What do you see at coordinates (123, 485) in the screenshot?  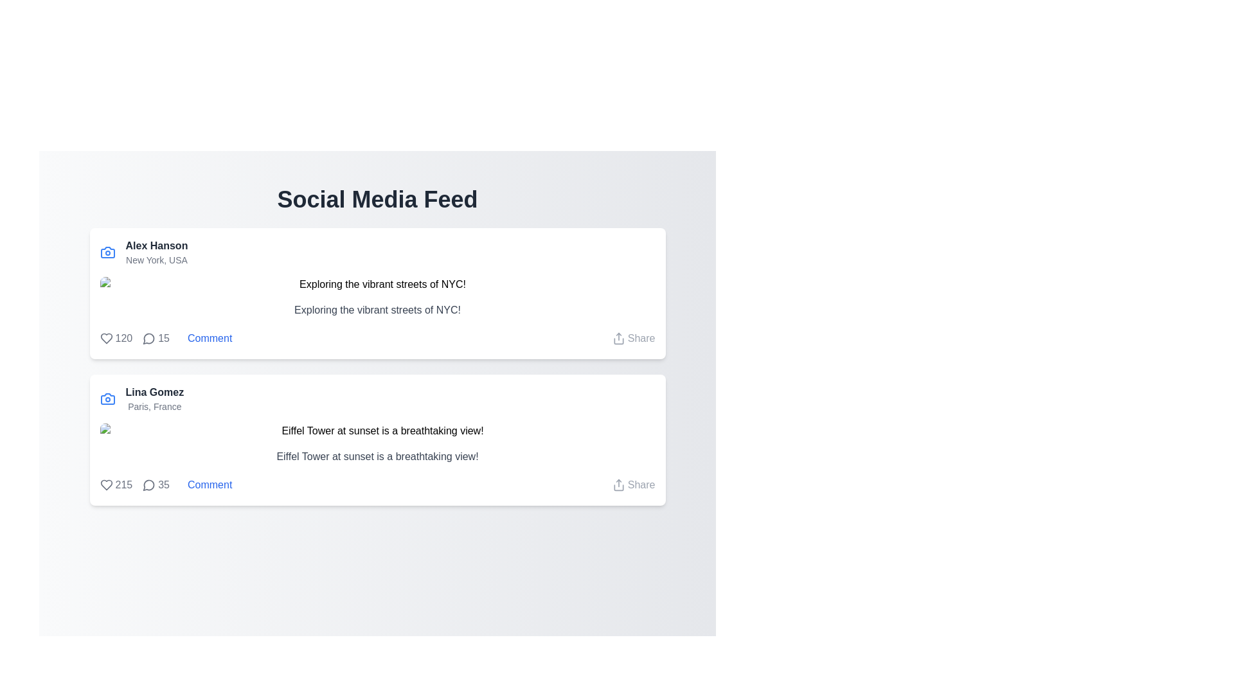 I see `the likes count text label located under 'Lina Gomez' in the second post component, positioned between a heart icon and a comment icon` at bounding box center [123, 485].